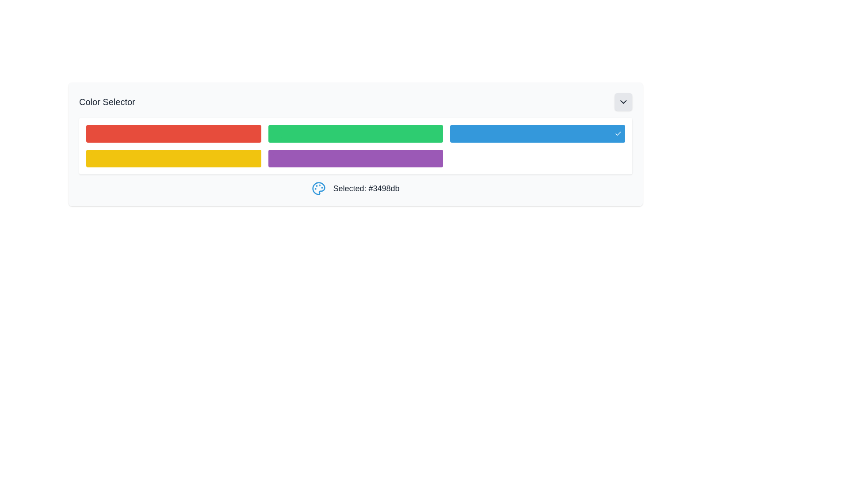  What do you see at coordinates (459, 134) in the screenshot?
I see `the visual indicator representing the selected state within the blue button located at the far-right of the color option row` at bounding box center [459, 134].